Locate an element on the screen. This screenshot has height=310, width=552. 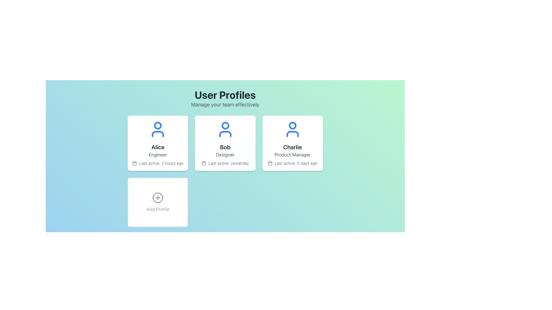
the Text Label displaying the user's name 'Alice' within the user profile card, which is the first card in a row of three cards is located at coordinates (158, 147).